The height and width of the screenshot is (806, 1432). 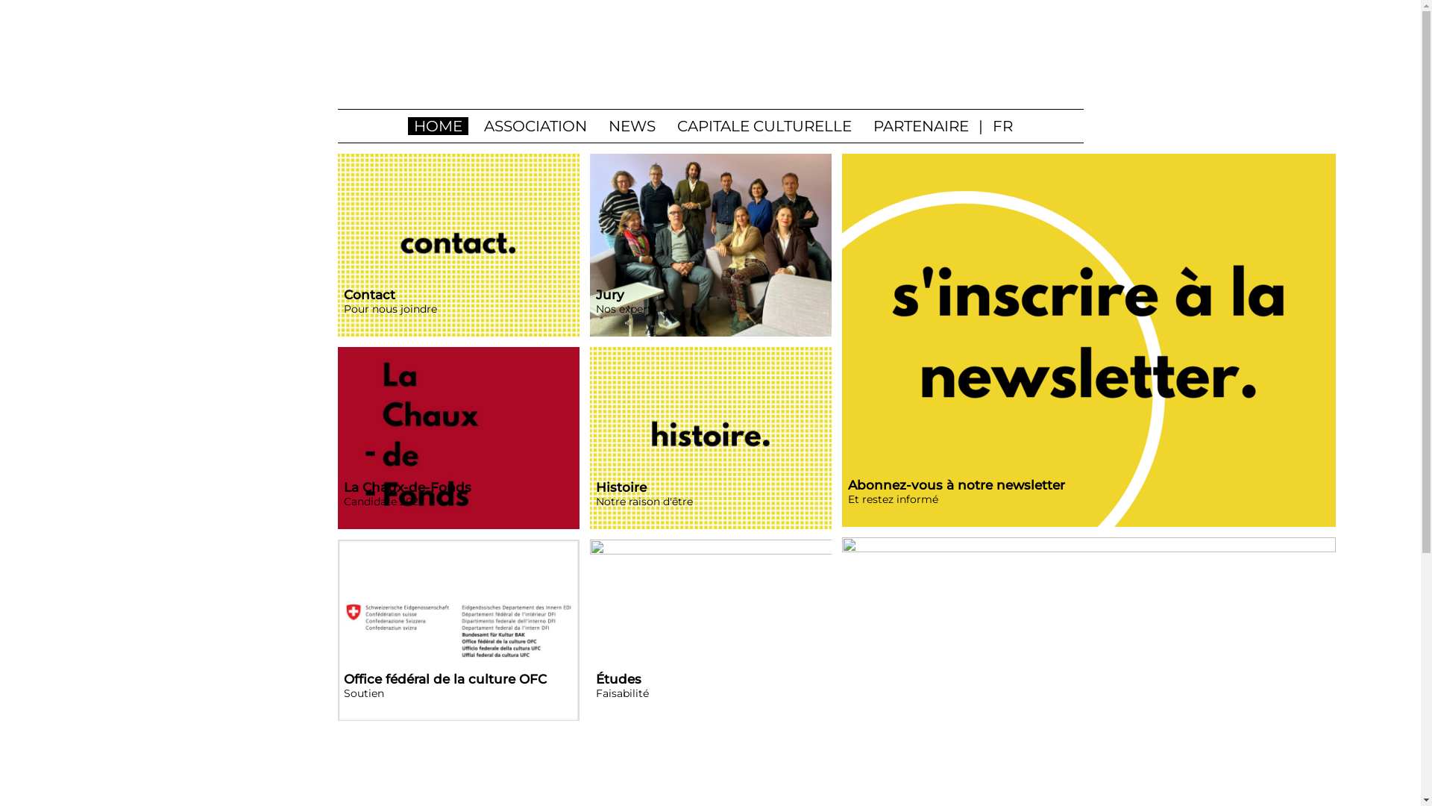 What do you see at coordinates (457, 437) in the screenshot?
I see `'La Chaux-de-Fonds'` at bounding box center [457, 437].